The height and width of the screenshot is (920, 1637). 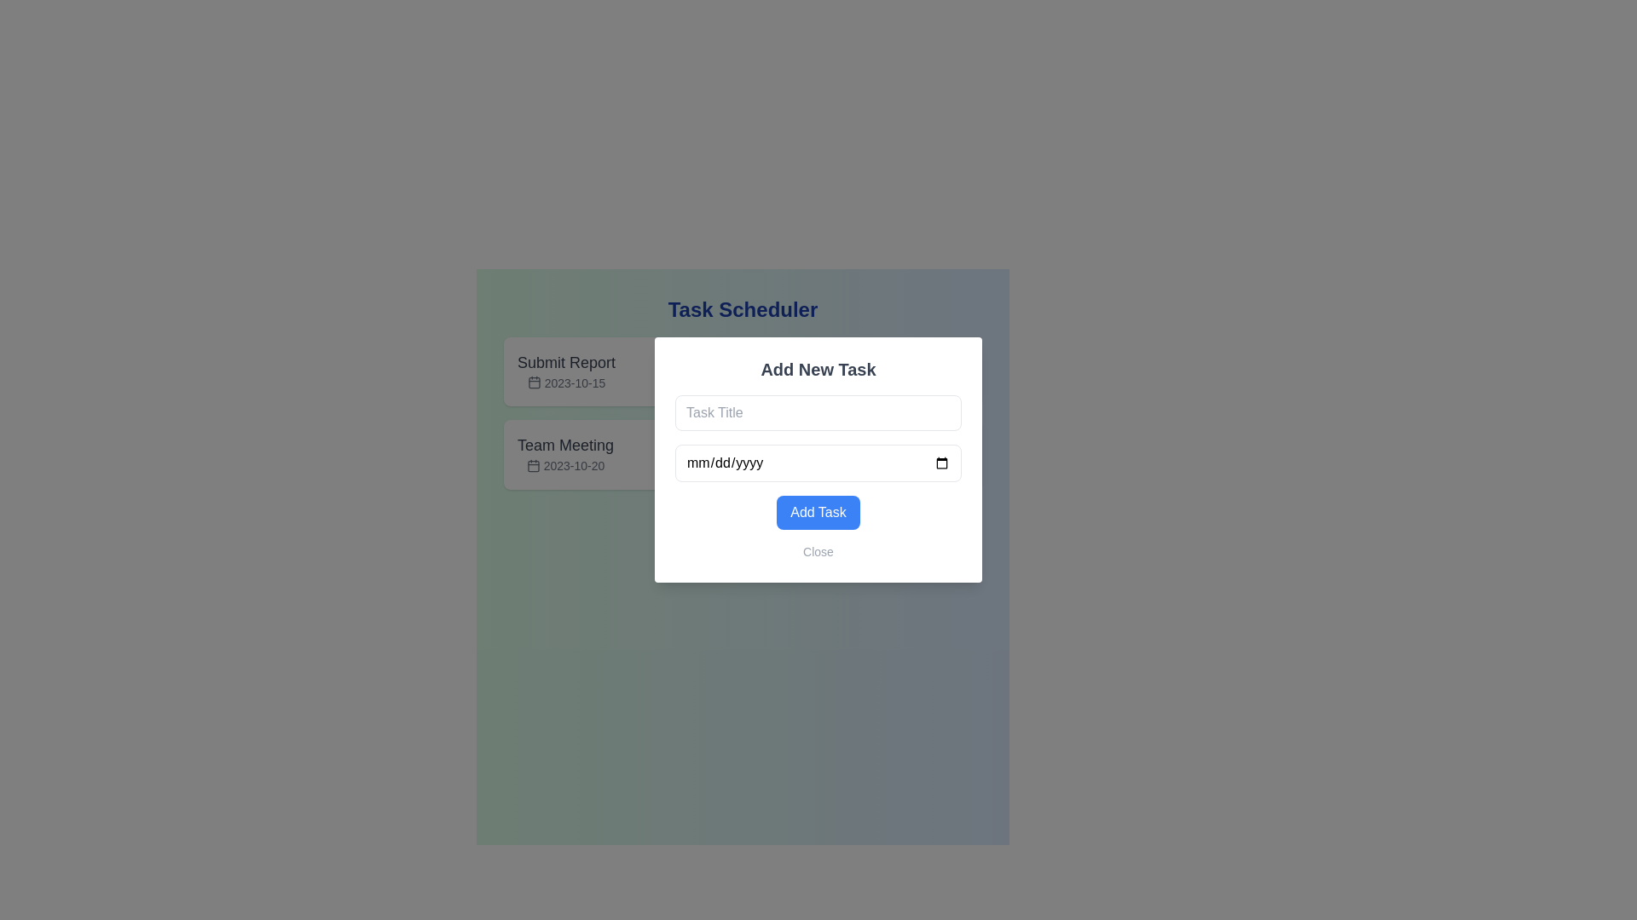 I want to click on the date text label displaying '2023-10-15', which is styled in small gray text and located next to the calendar icon below the 'Submit Report' title, so click(x=566, y=383).